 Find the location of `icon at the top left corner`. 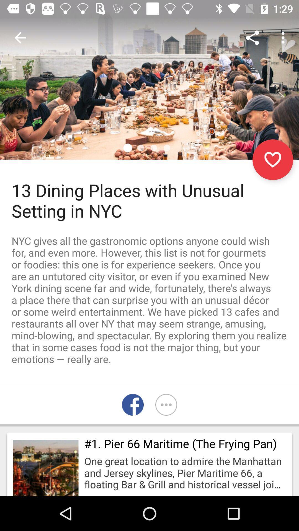

icon at the top left corner is located at coordinates (20, 37).